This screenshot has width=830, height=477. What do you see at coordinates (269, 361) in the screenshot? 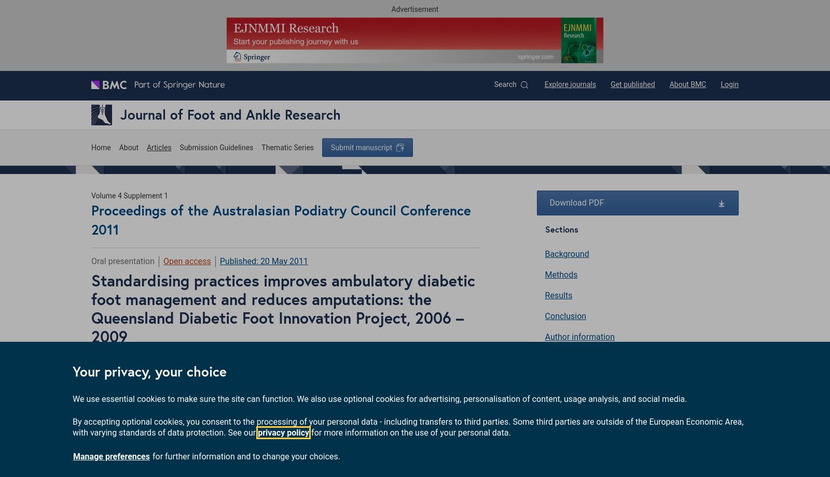
I see `'Anthony Russell'` at bounding box center [269, 361].